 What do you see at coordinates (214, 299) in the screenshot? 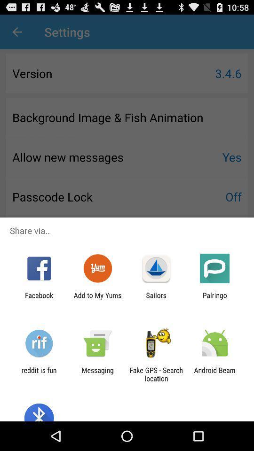
I see `the icon to the right of the sailors` at bounding box center [214, 299].